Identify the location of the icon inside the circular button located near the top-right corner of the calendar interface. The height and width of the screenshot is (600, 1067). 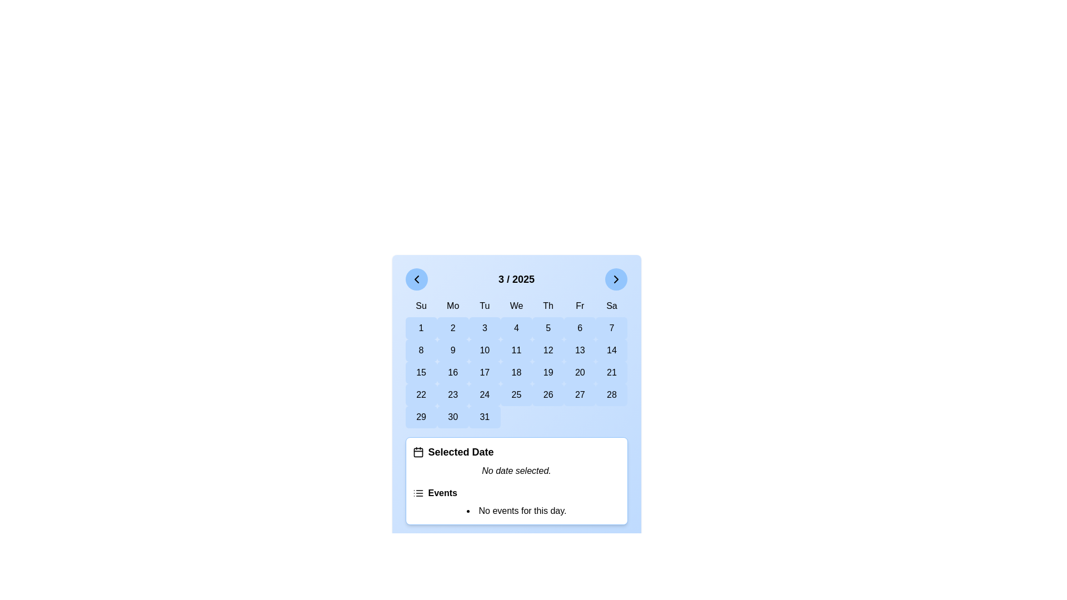
(616, 278).